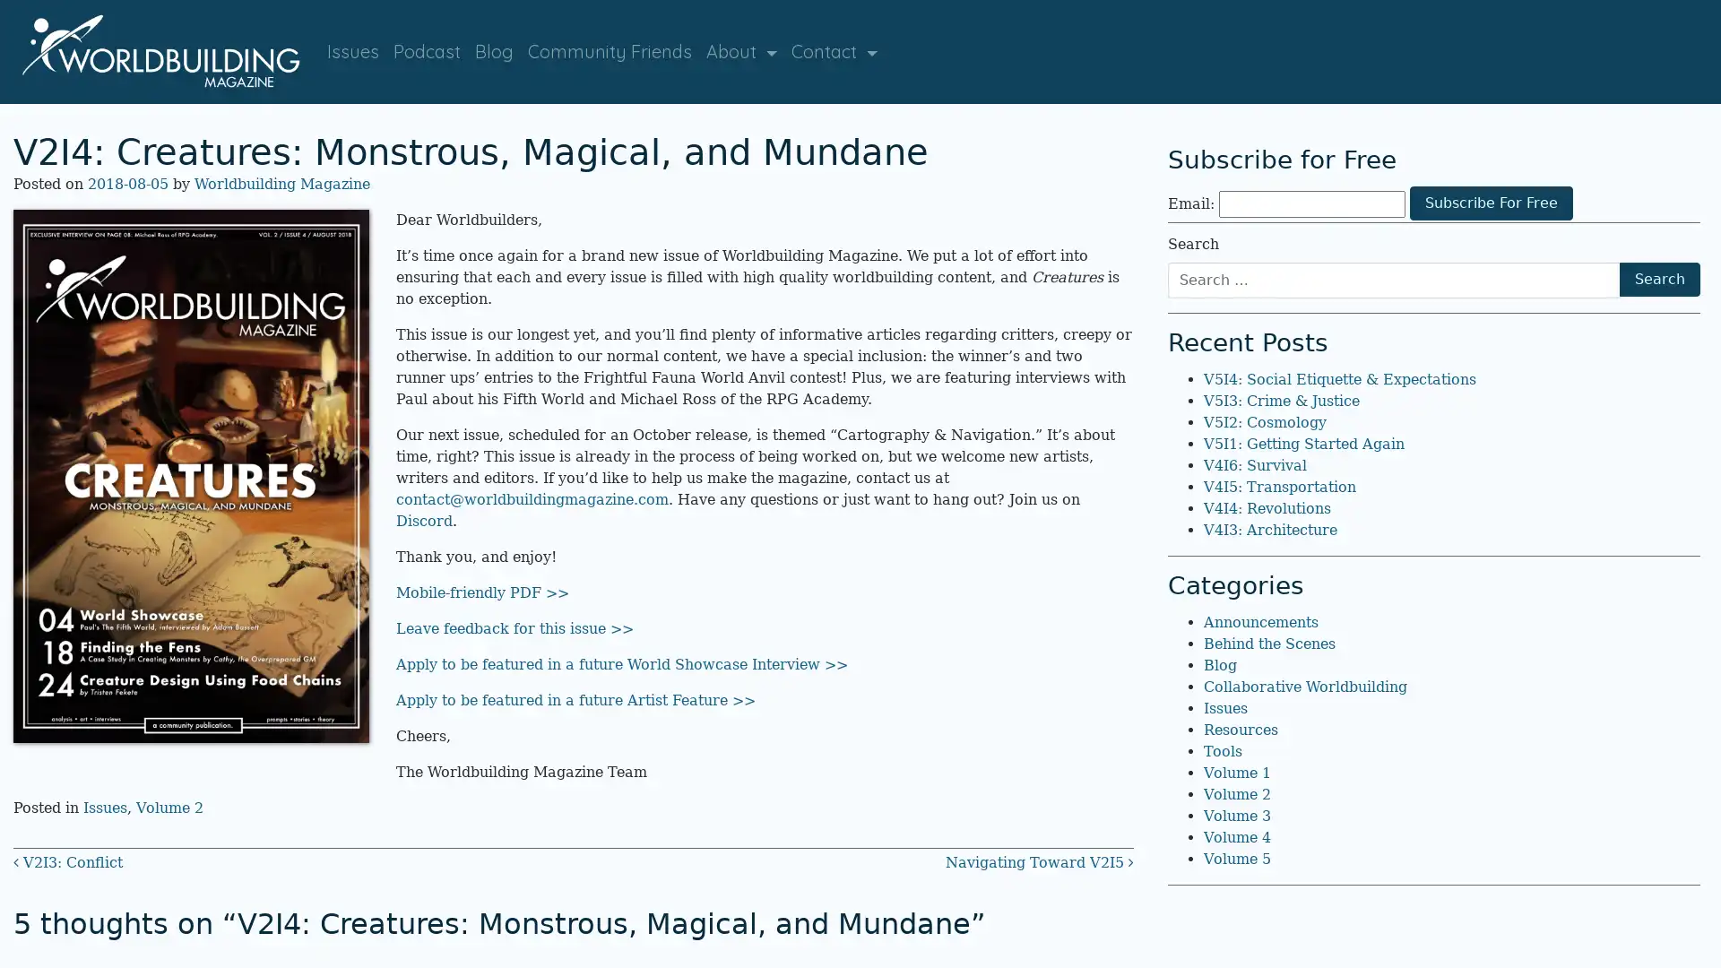  I want to click on Search, so click(1658, 280).